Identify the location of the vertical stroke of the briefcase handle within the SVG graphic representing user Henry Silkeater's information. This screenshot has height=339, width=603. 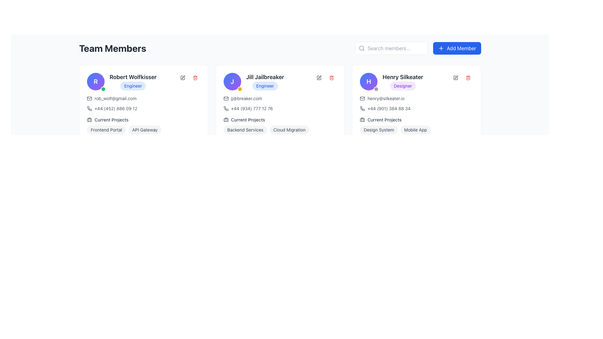
(362, 120).